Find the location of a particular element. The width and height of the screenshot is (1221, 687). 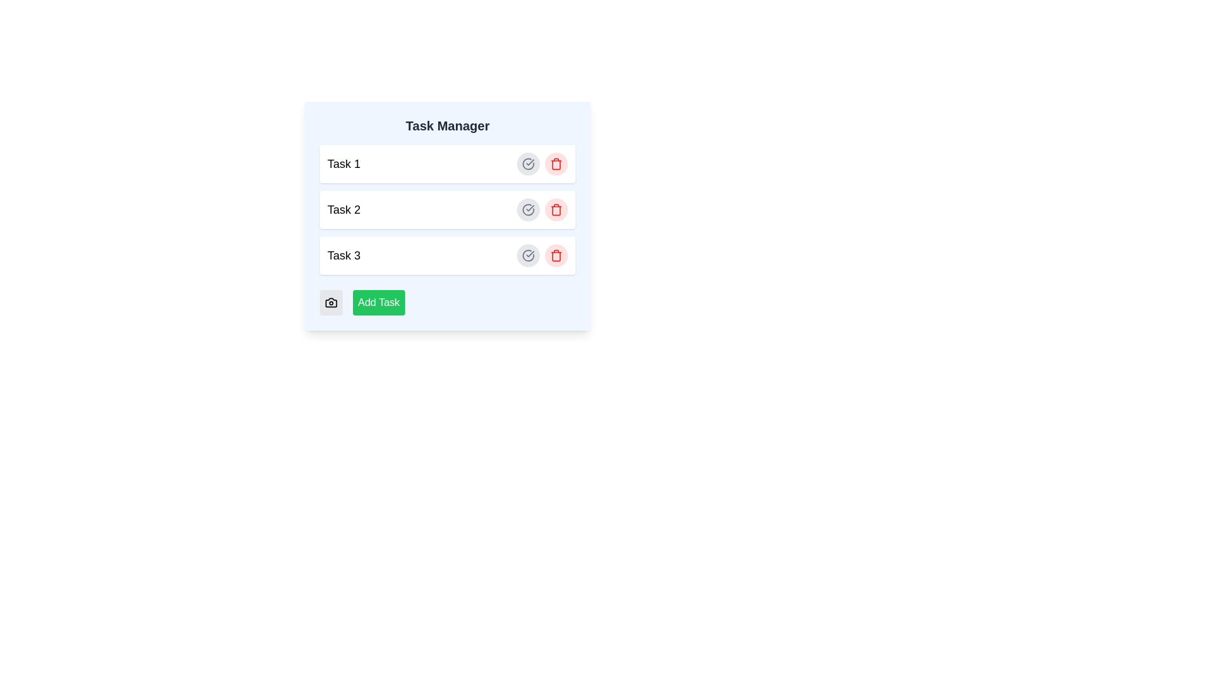

the delete button located to the far right of the row labeled 'Task 2' in the vertically stacked list is located at coordinates (556, 209).